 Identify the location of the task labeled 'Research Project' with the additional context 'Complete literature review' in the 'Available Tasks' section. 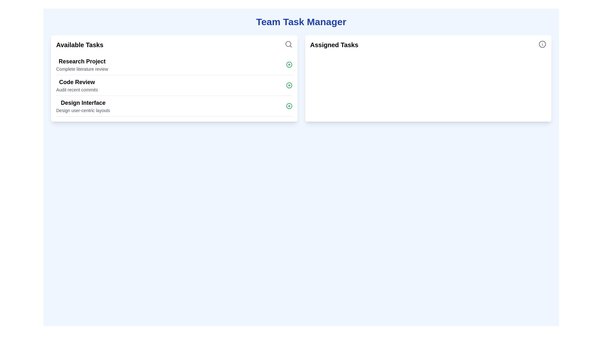
(174, 65).